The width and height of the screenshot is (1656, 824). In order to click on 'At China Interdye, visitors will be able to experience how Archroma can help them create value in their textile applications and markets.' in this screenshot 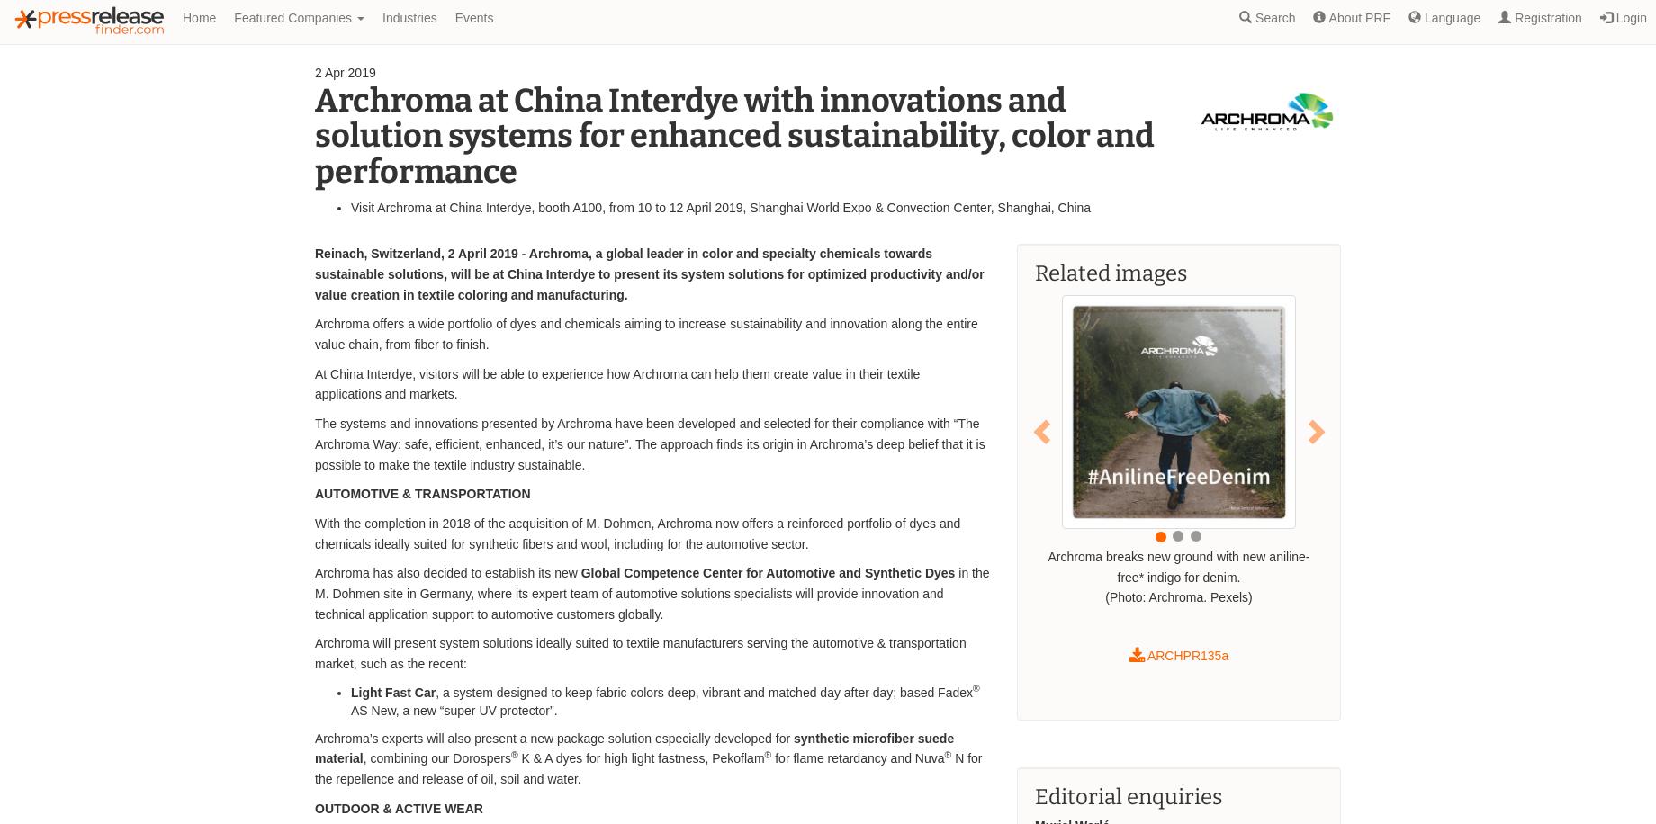, I will do `click(616, 382)`.